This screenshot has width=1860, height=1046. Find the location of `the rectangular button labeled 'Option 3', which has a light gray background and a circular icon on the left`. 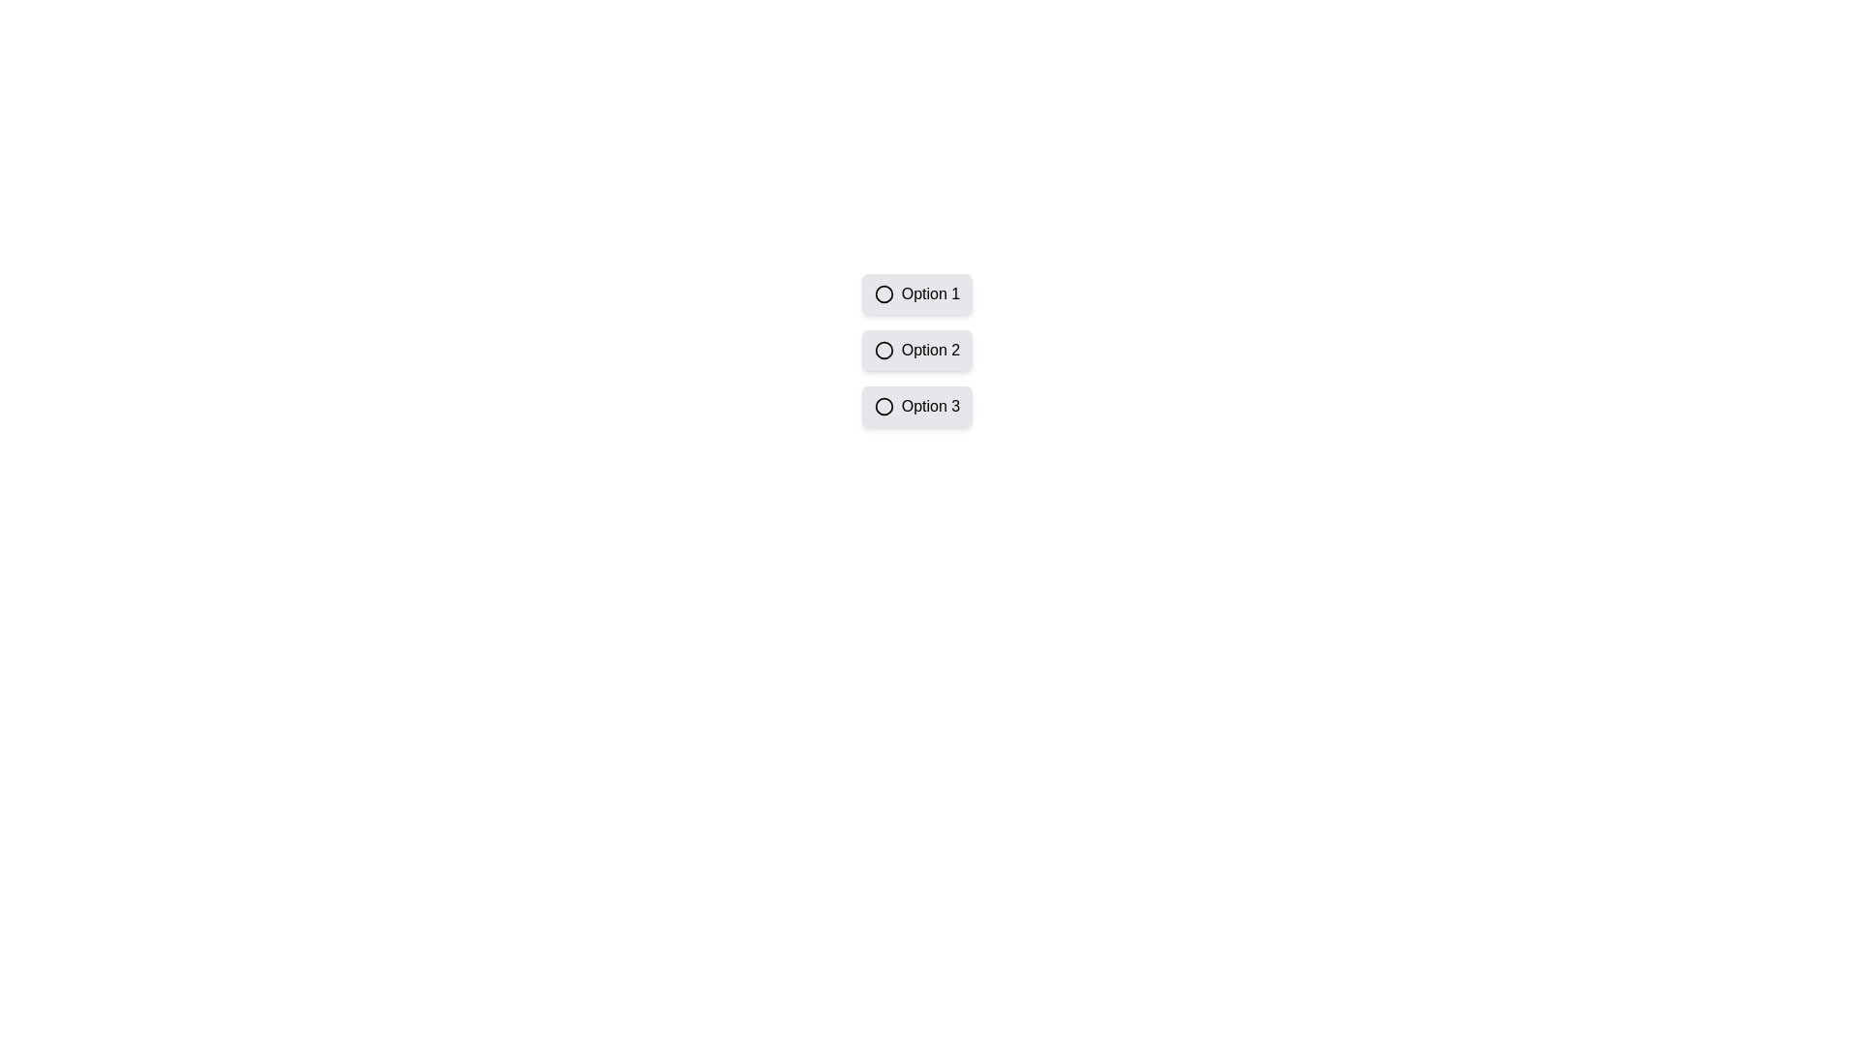

the rectangular button labeled 'Option 3', which has a light gray background and a circular icon on the left is located at coordinates (915, 406).